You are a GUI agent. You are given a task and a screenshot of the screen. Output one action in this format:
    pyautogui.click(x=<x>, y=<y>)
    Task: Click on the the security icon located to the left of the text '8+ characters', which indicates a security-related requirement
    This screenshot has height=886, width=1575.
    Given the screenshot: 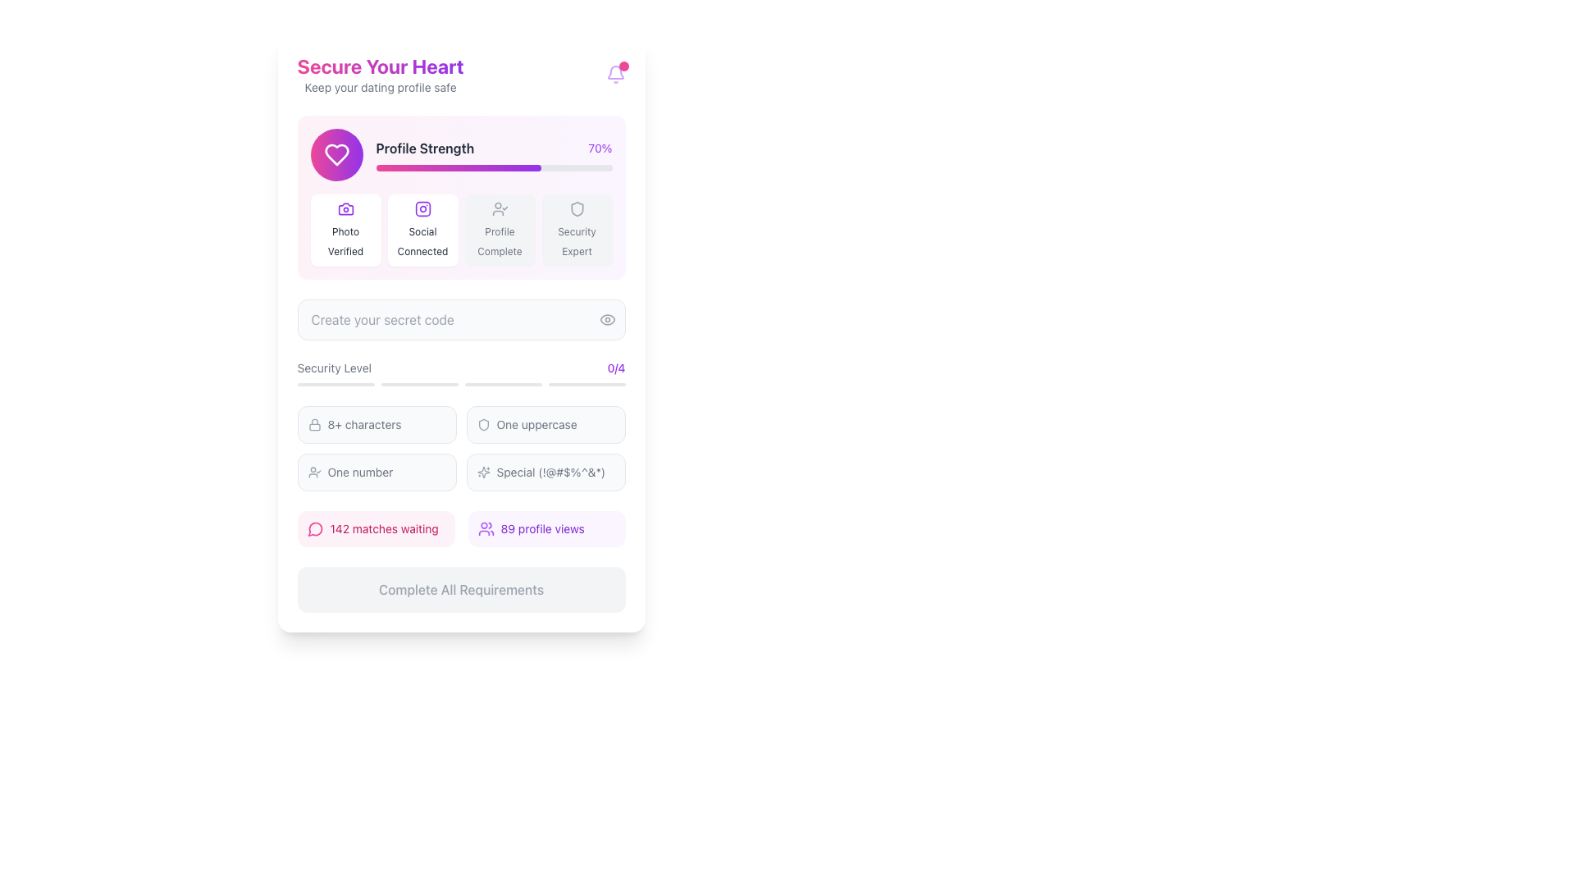 What is the action you would take?
    pyautogui.click(x=314, y=423)
    